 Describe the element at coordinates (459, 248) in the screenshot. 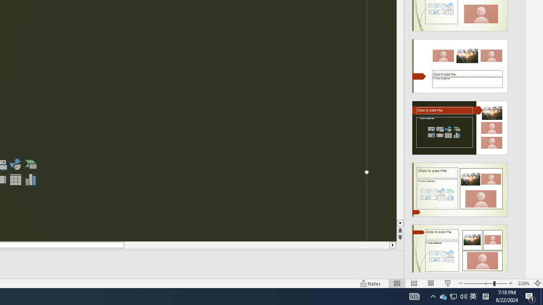

I see `'Design Idea'` at that location.